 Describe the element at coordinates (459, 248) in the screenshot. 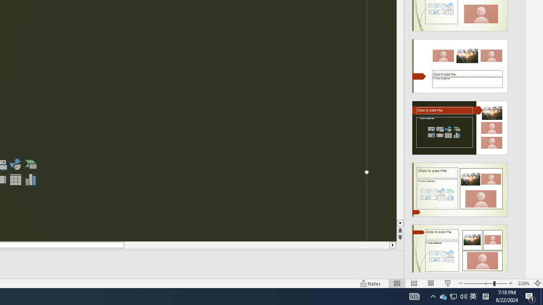

I see `'Design Idea'` at that location.